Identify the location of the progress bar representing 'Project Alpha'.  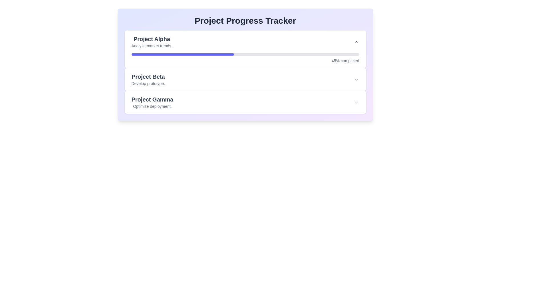
(245, 54).